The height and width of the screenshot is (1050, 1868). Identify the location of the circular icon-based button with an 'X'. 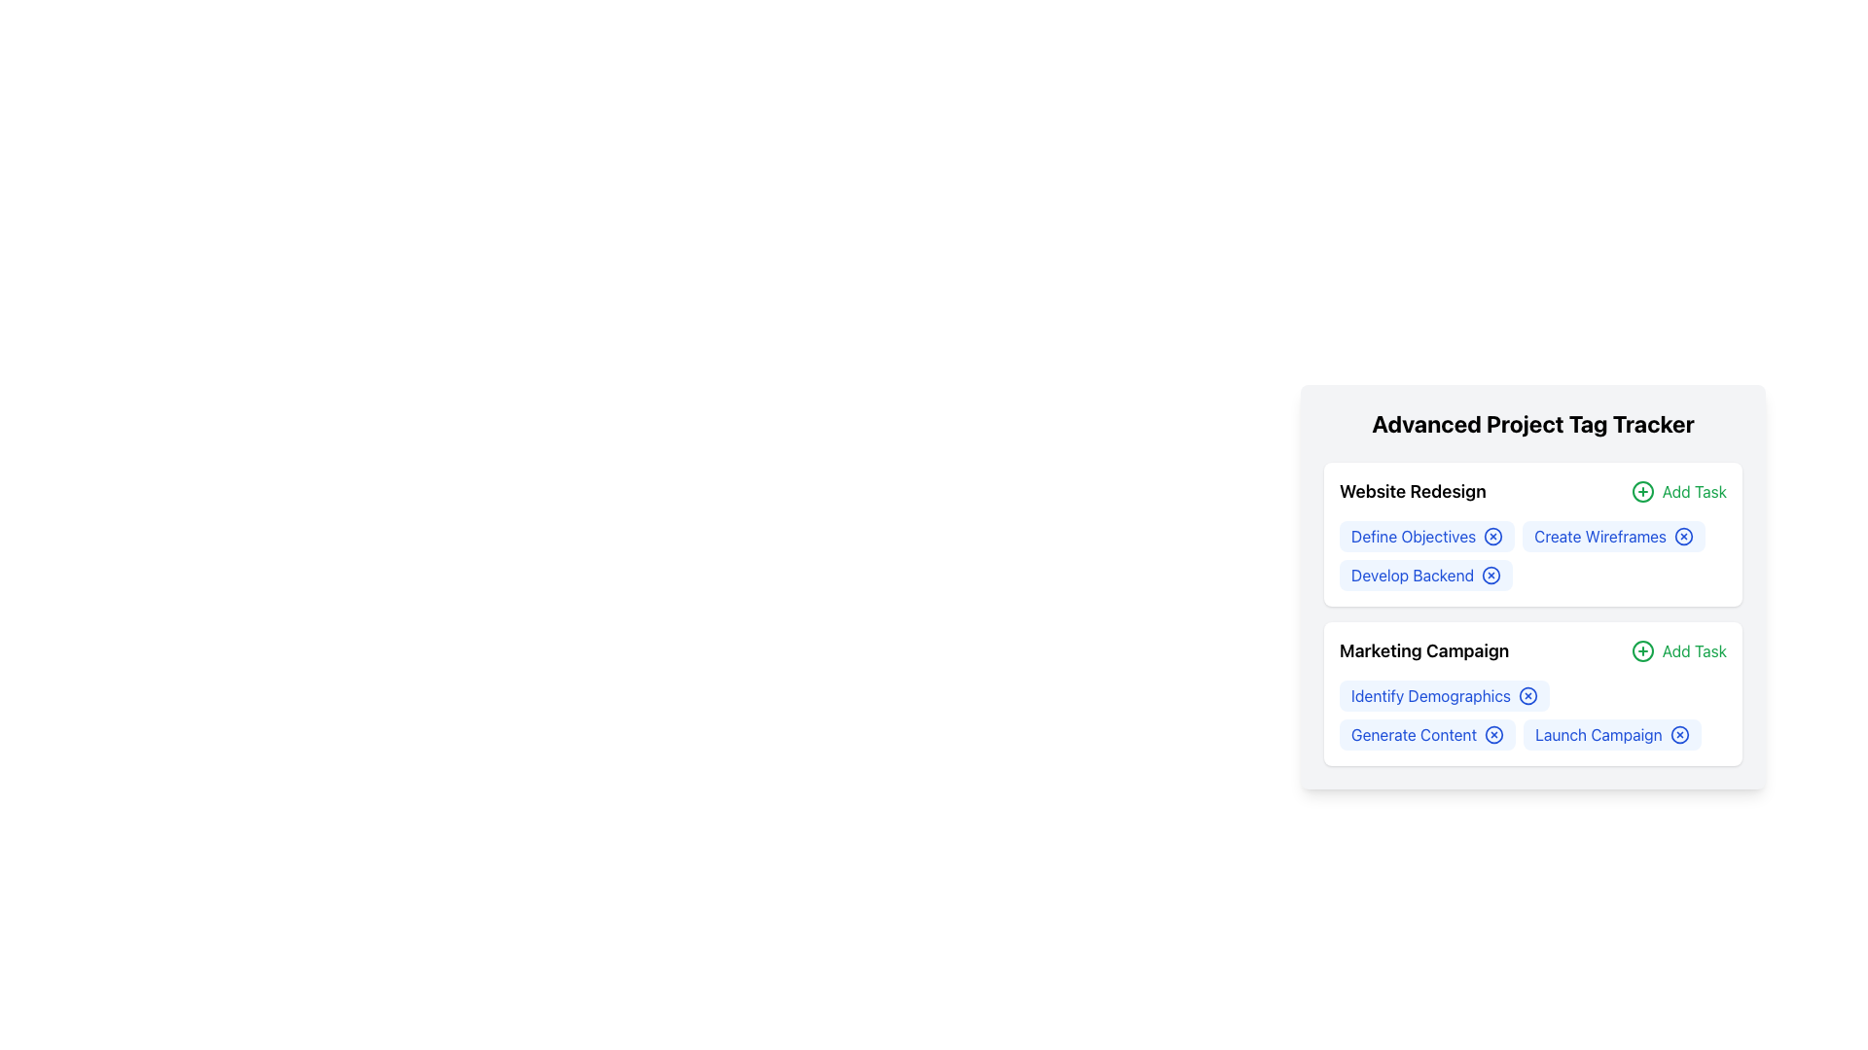
(1493, 735).